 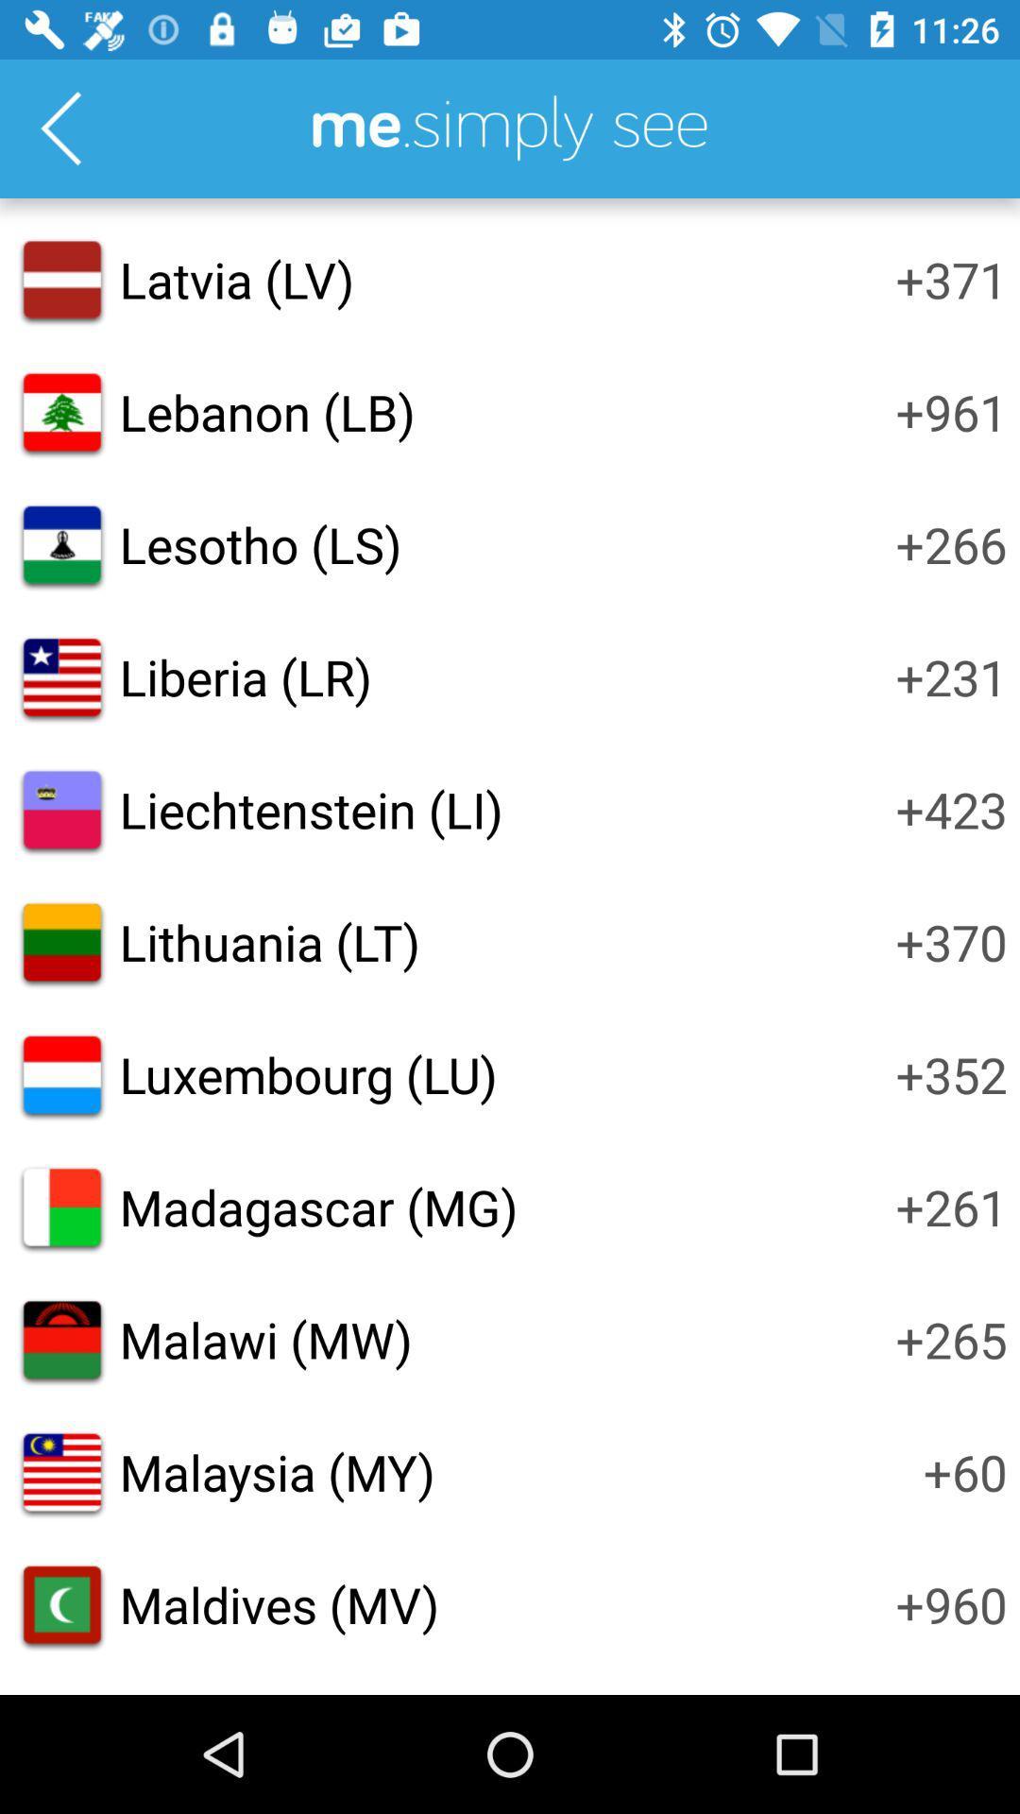 What do you see at coordinates (965, 1471) in the screenshot?
I see `+60 item` at bounding box center [965, 1471].